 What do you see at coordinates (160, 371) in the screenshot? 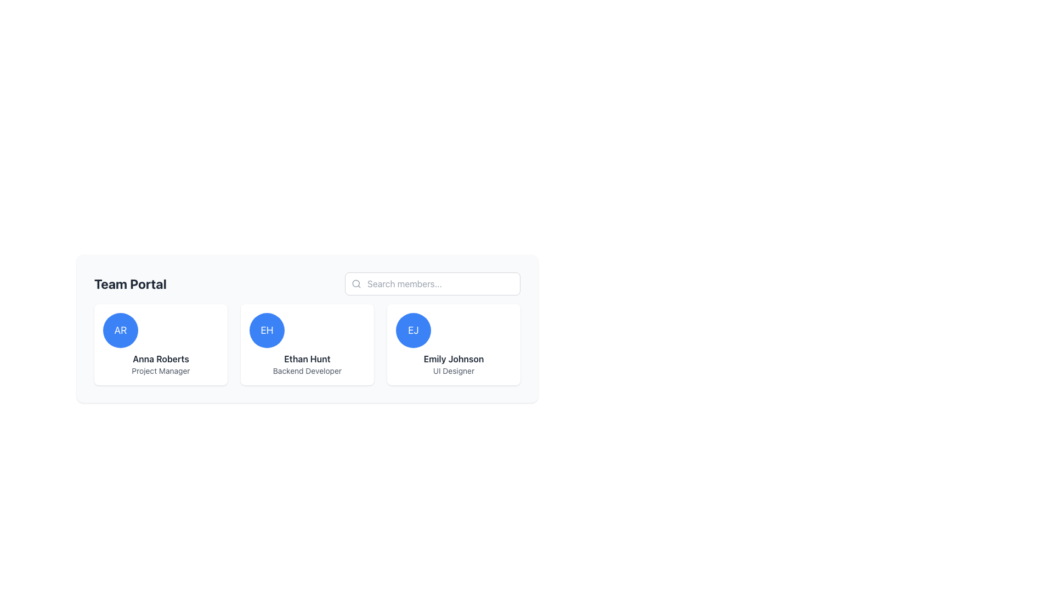
I see `the static text label that signifies the job title of 'Anna Roberts' located at the bottom of the user card interface` at bounding box center [160, 371].